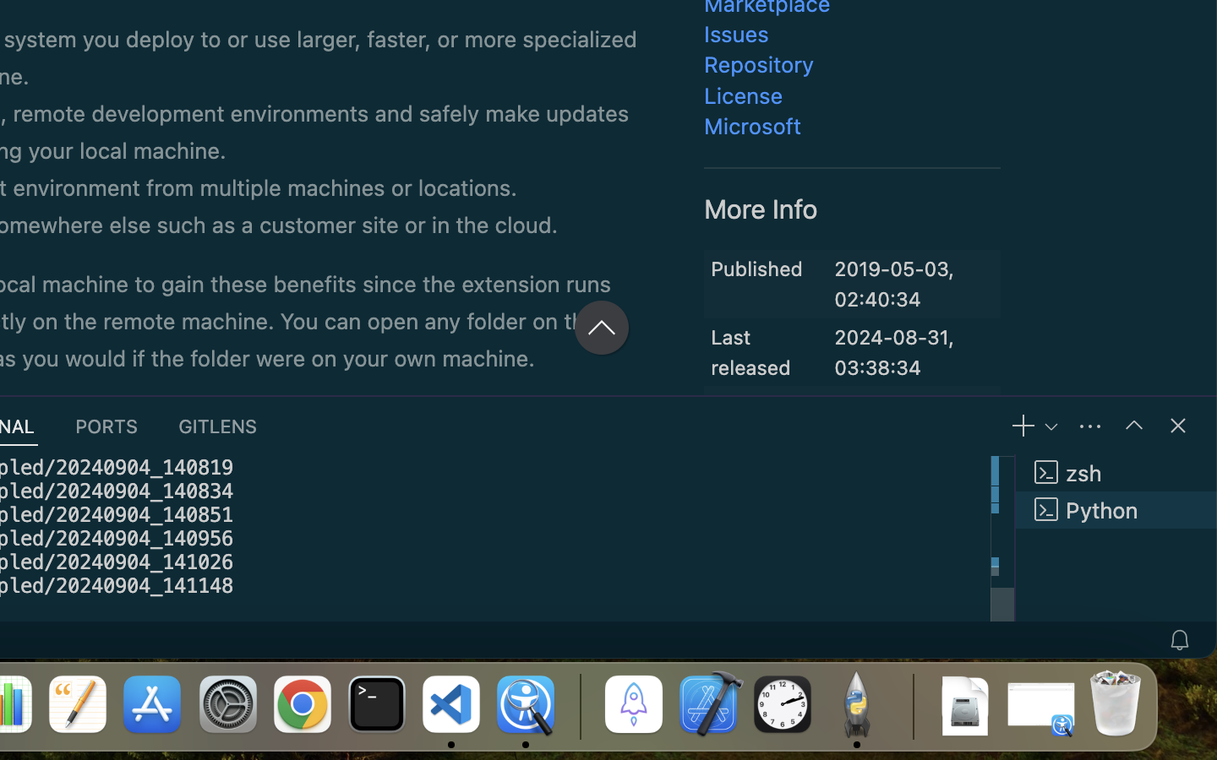 The image size is (1217, 760). Describe the element at coordinates (758, 64) in the screenshot. I see `'Repository'` at that location.